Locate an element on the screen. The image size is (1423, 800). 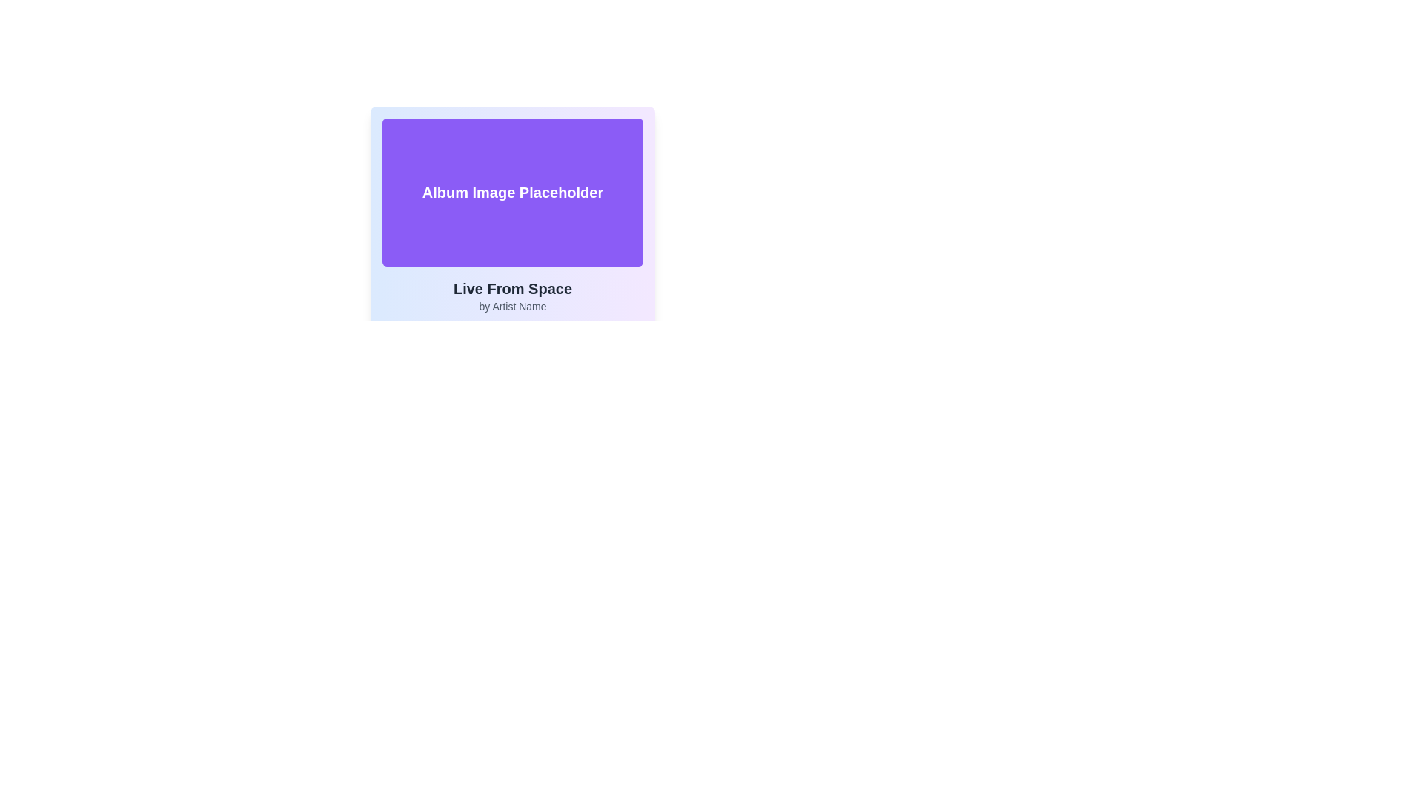
the text label displaying 'Live From Space', which is styled as 'text-xl font-semibold text-gray-800' and is centered under the purple 'Album Image Placeholder' is located at coordinates (512, 288).